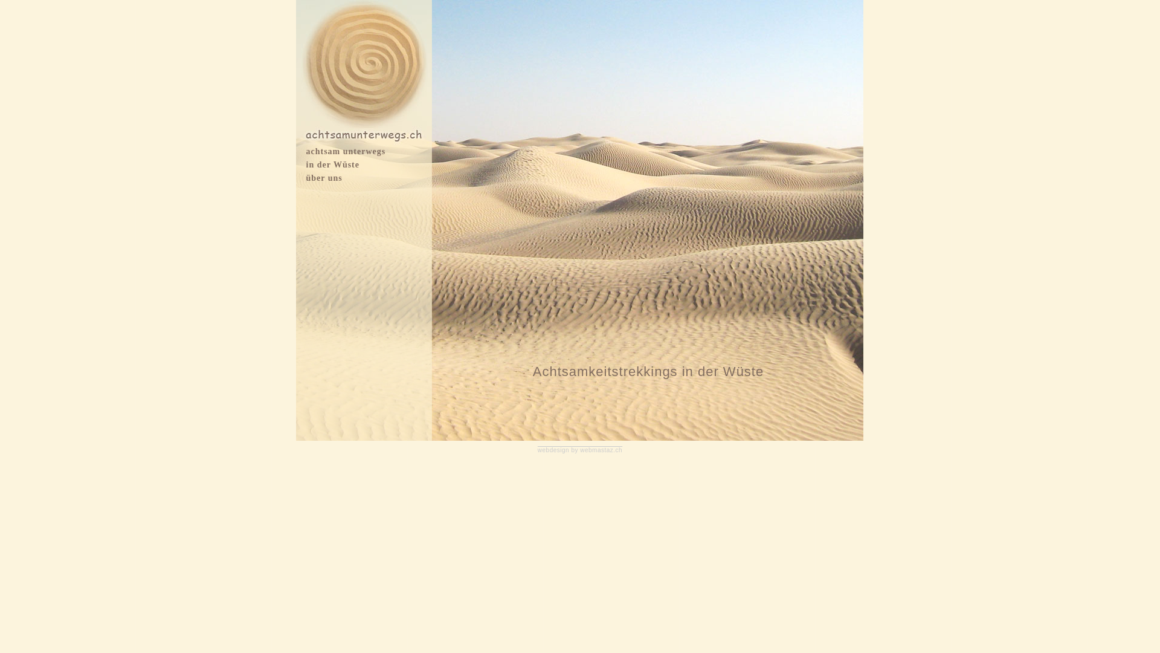 This screenshot has height=653, width=1160. Describe the element at coordinates (580, 450) in the screenshot. I see `'webdesign by webmastaz.ch'` at that location.